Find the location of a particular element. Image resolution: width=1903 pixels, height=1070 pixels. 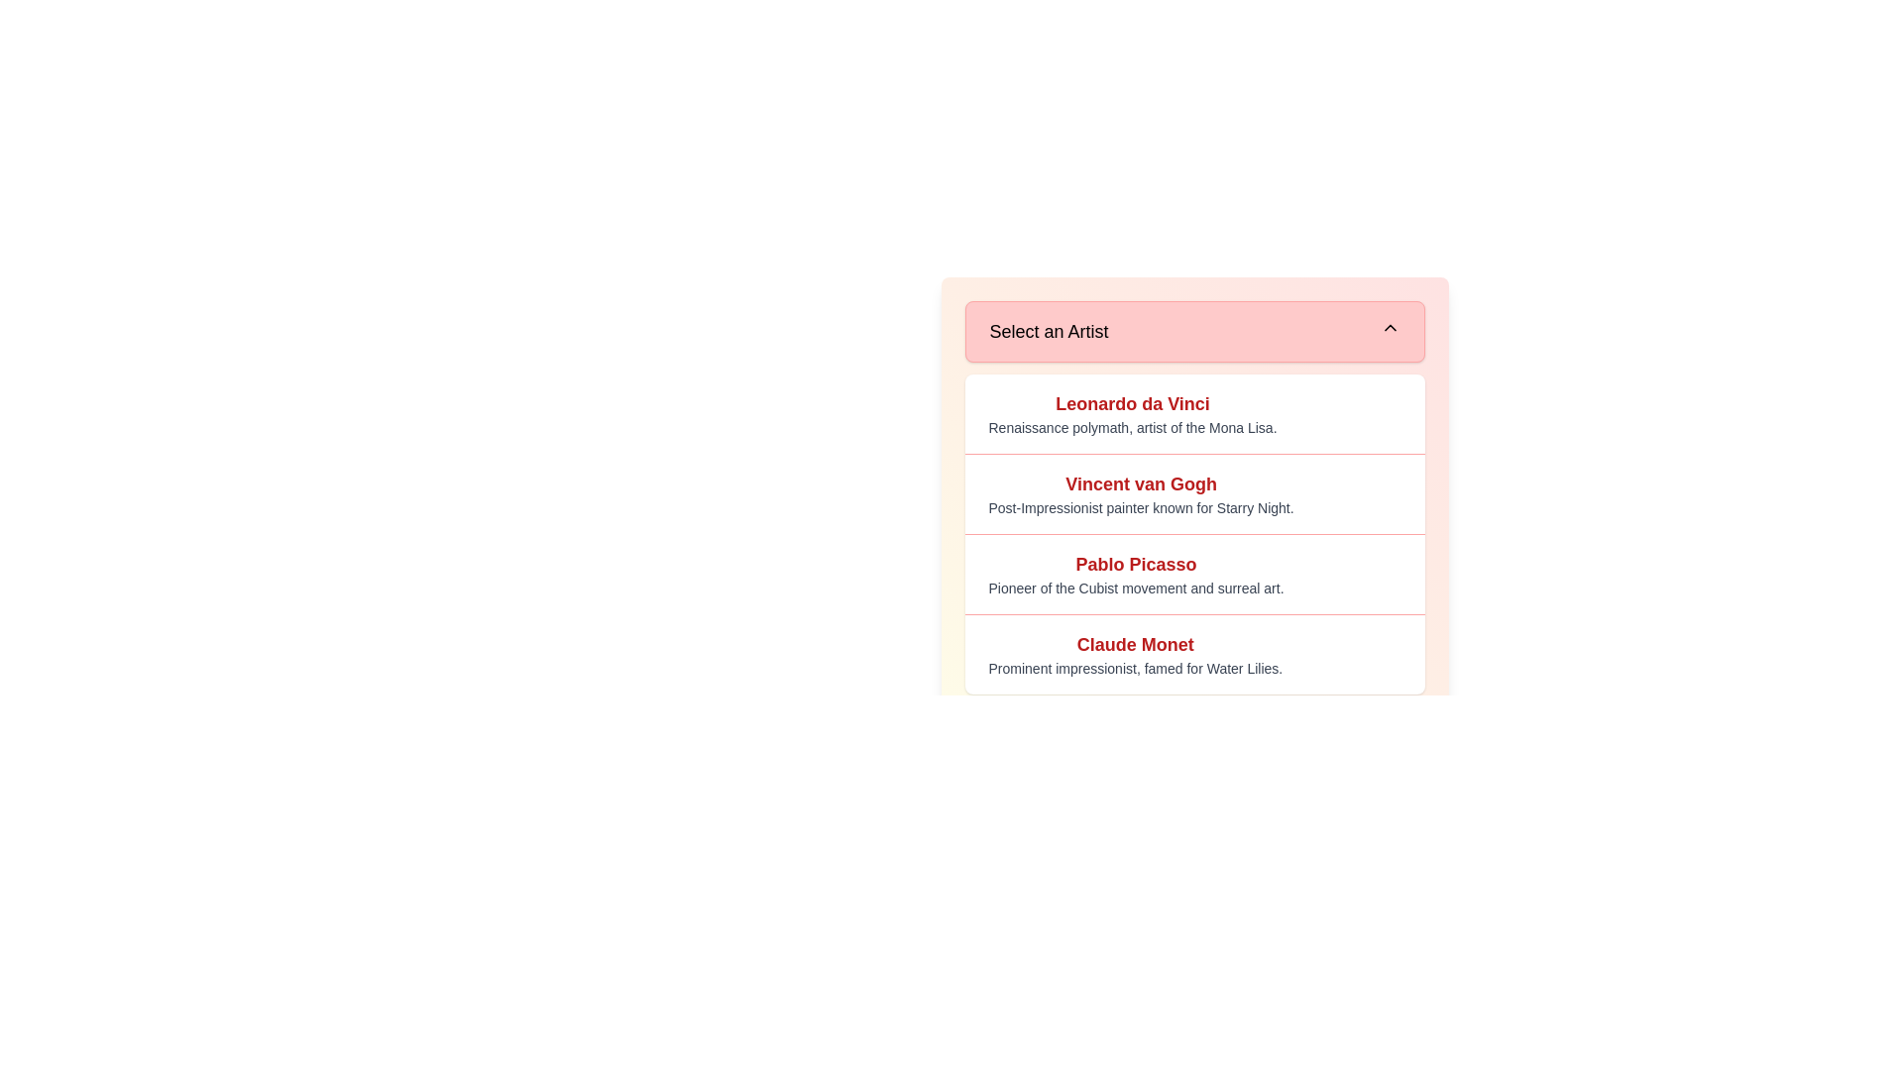

the 'Select an Artist' dropdown toggle button is located at coordinates (1193, 331).